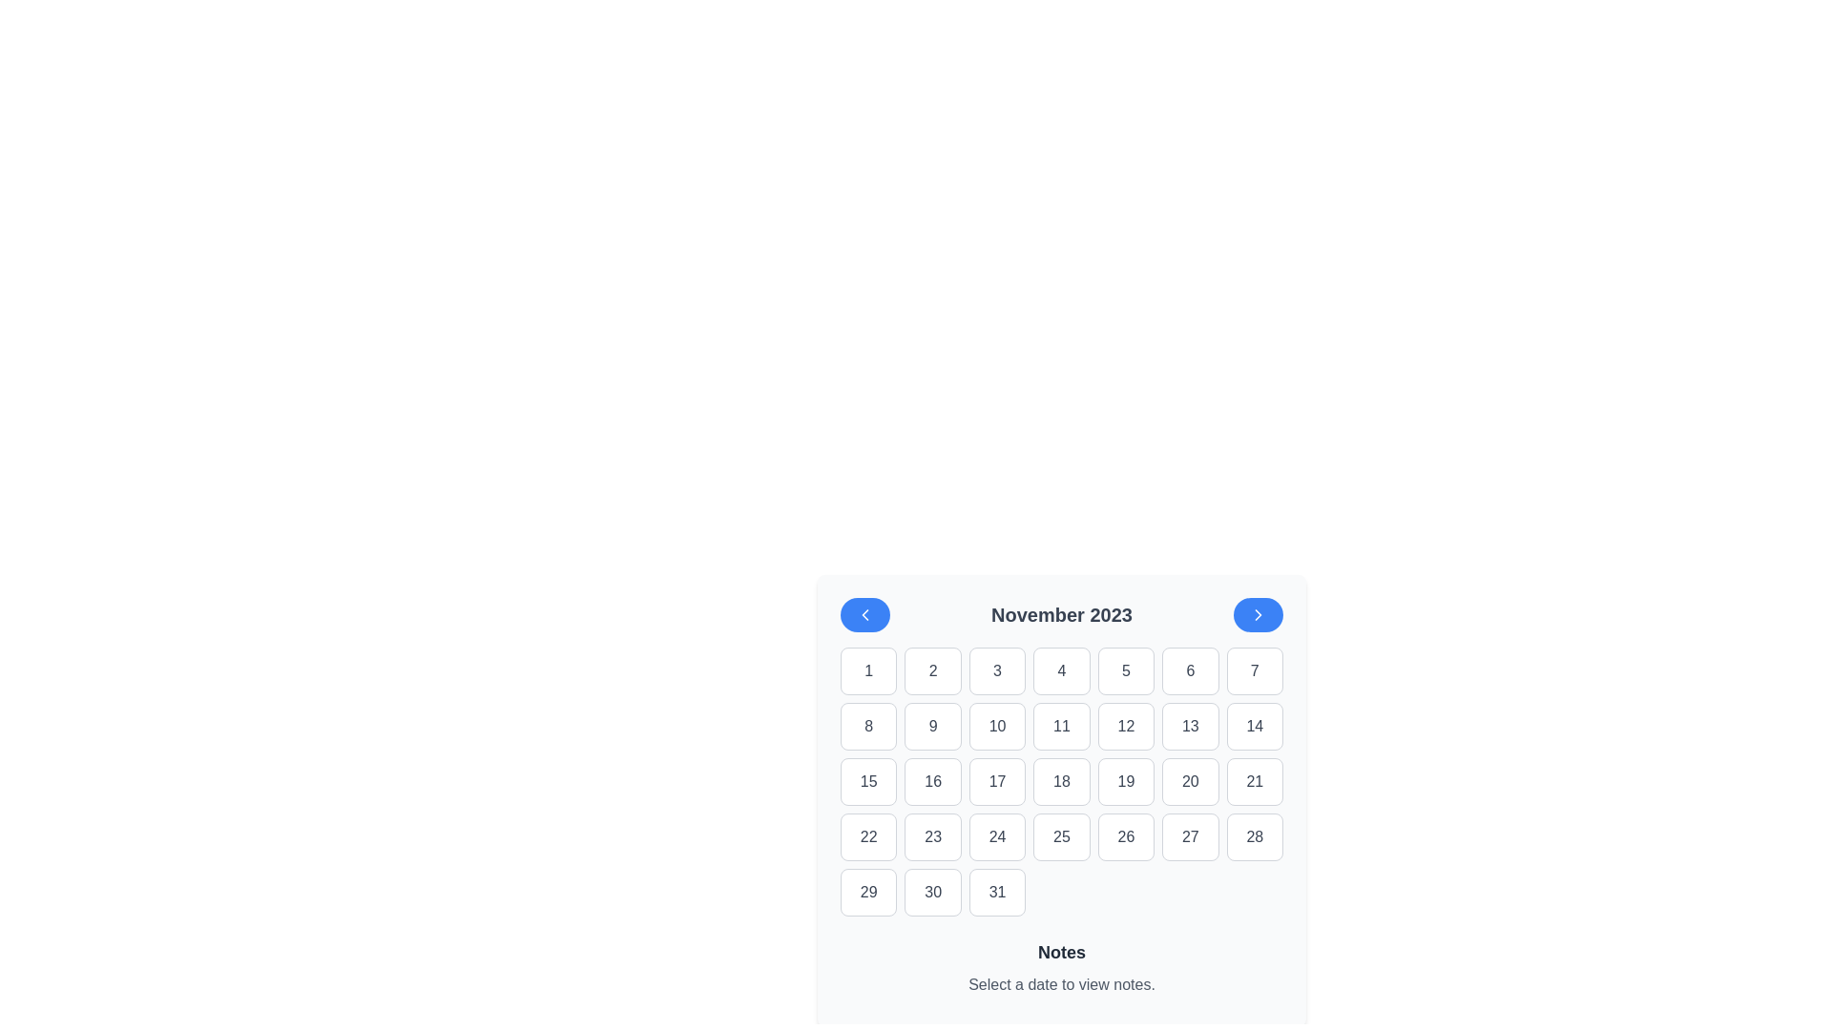  Describe the element at coordinates (864, 614) in the screenshot. I see `the button that navigates to the previous month in the calendar view, located in the header section to the left of the month title 'November 2023'` at that location.